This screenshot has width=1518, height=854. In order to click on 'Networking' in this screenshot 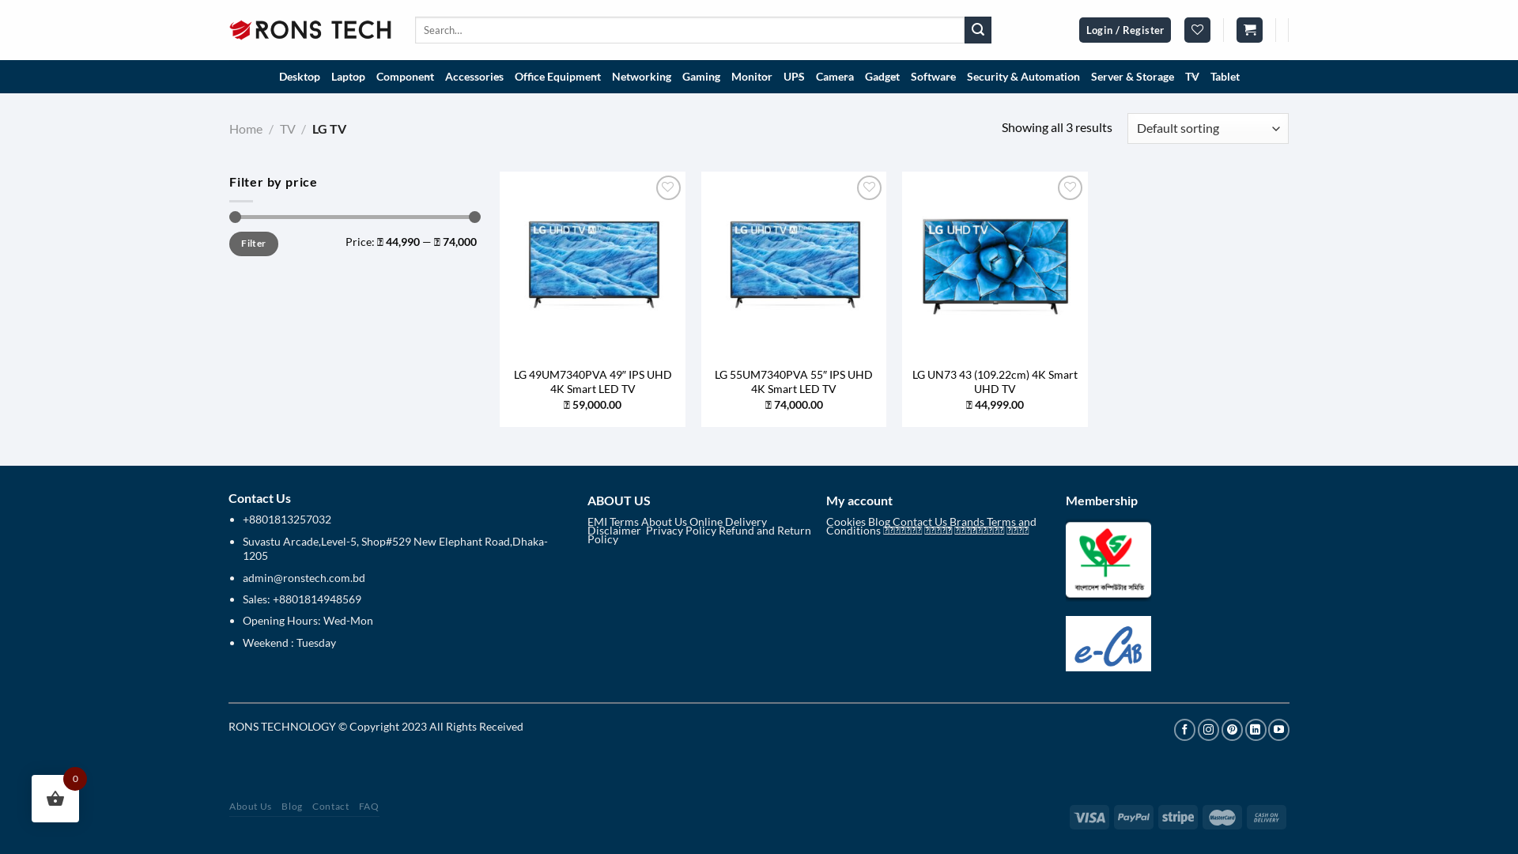, I will do `click(640, 76)`.